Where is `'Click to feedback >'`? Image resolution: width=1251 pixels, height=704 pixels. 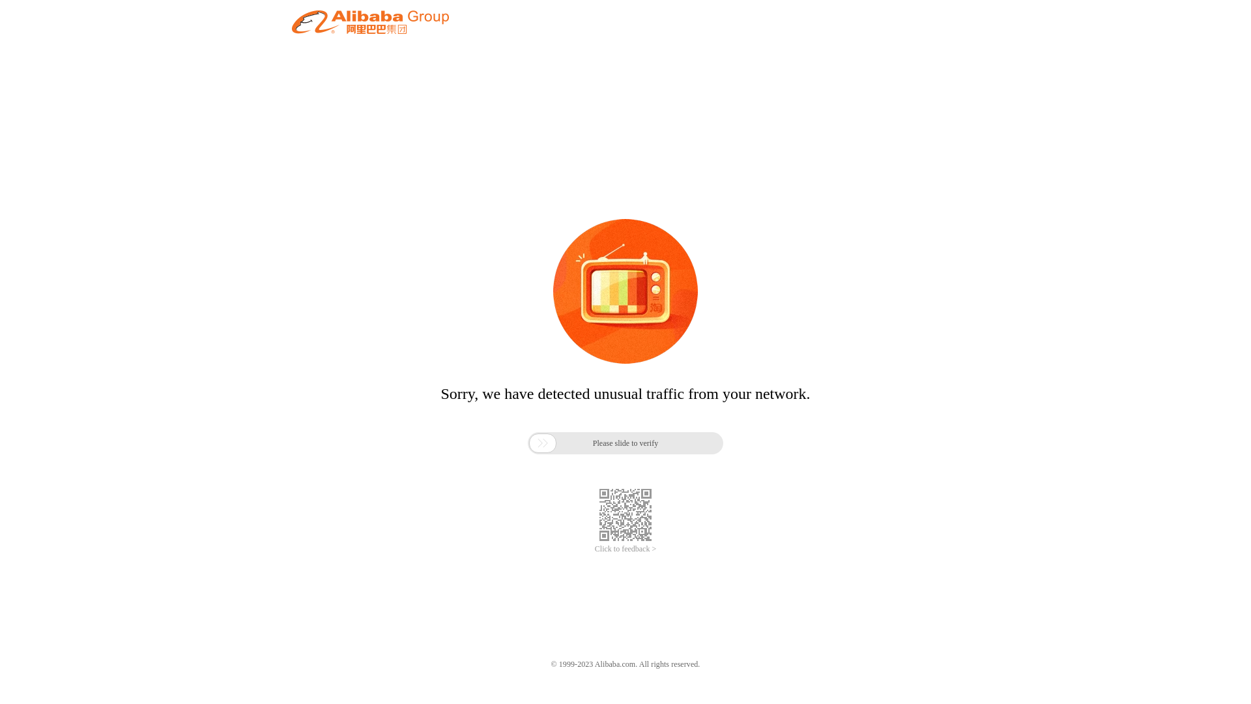 'Click to feedback >' is located at coordinates (594, 549).